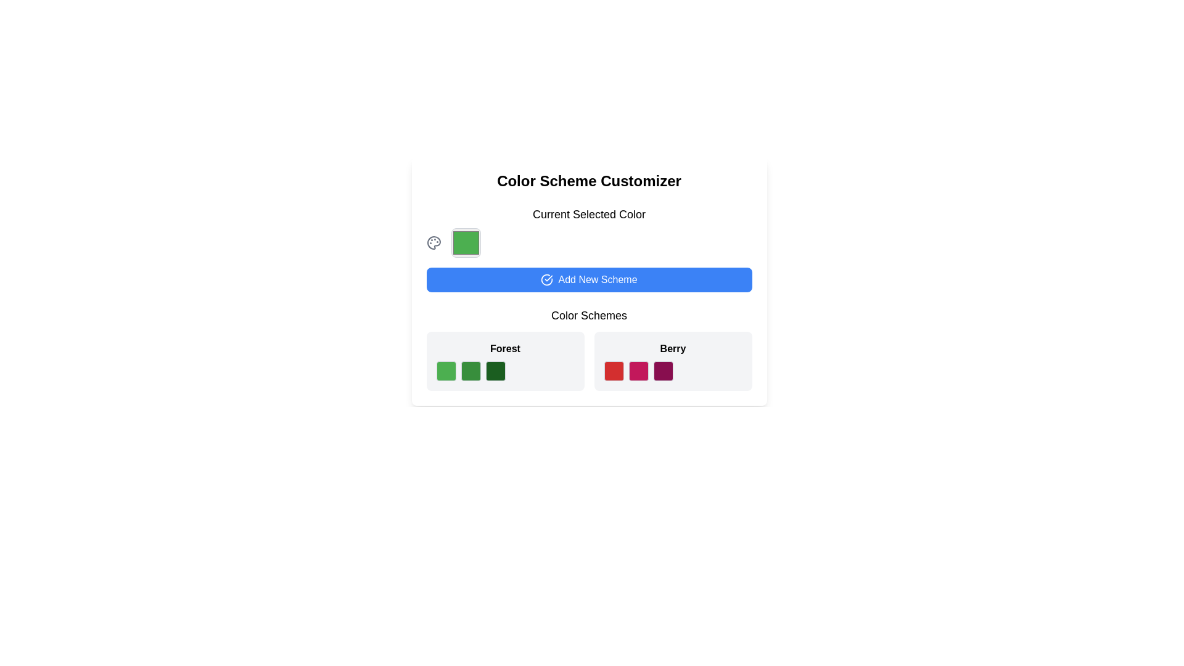 The height and width of the screenshot is (666, 1184). Describe the element at coordinates (505, 370) in the screenshot. I see `the third Color tile representing a specific color` at that location.